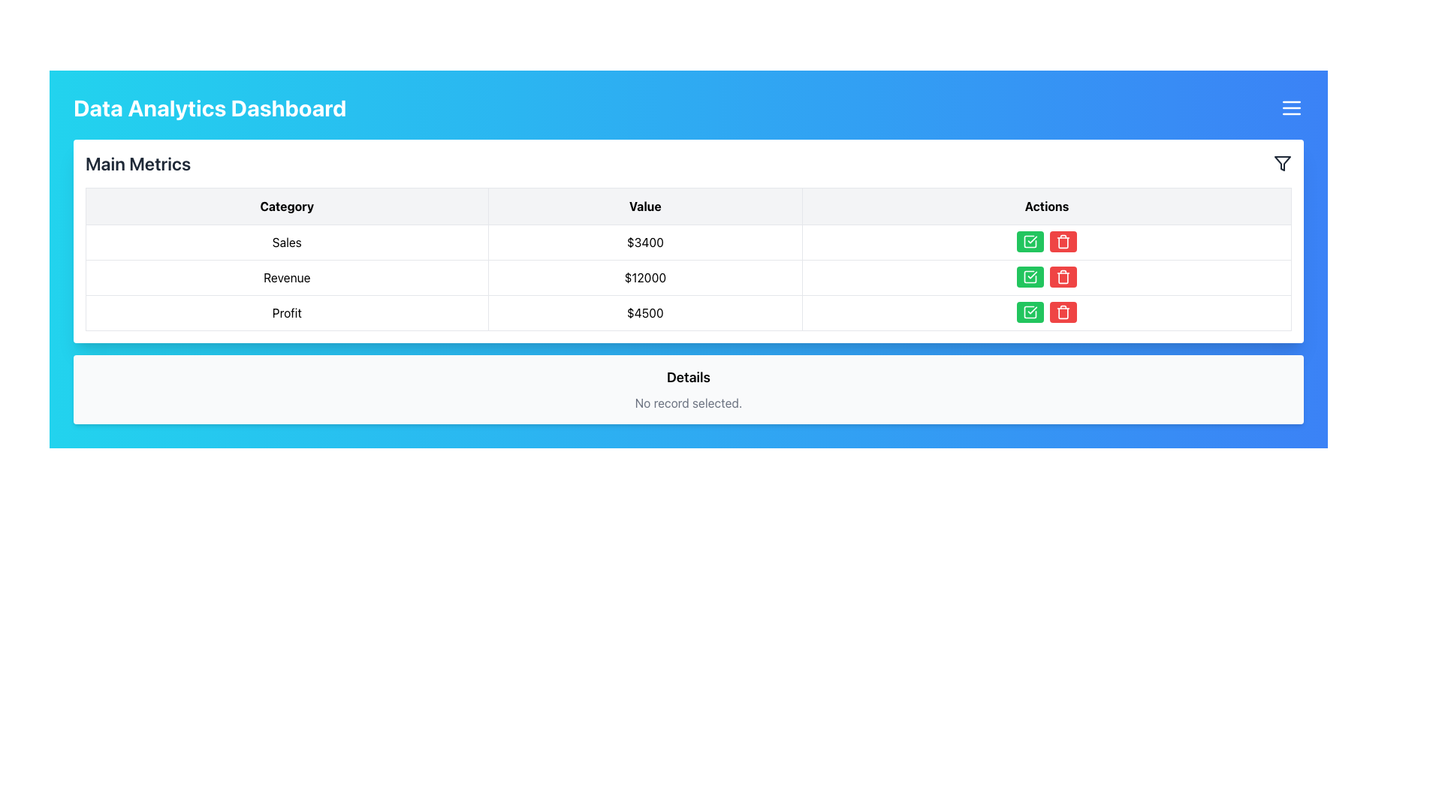 The width and height of the screenshot is (1442, 811). I want to click on the 'Validate' button with a green background and white text, located in the 'Actions' column of the second row in the main table, so click(1030, 277).